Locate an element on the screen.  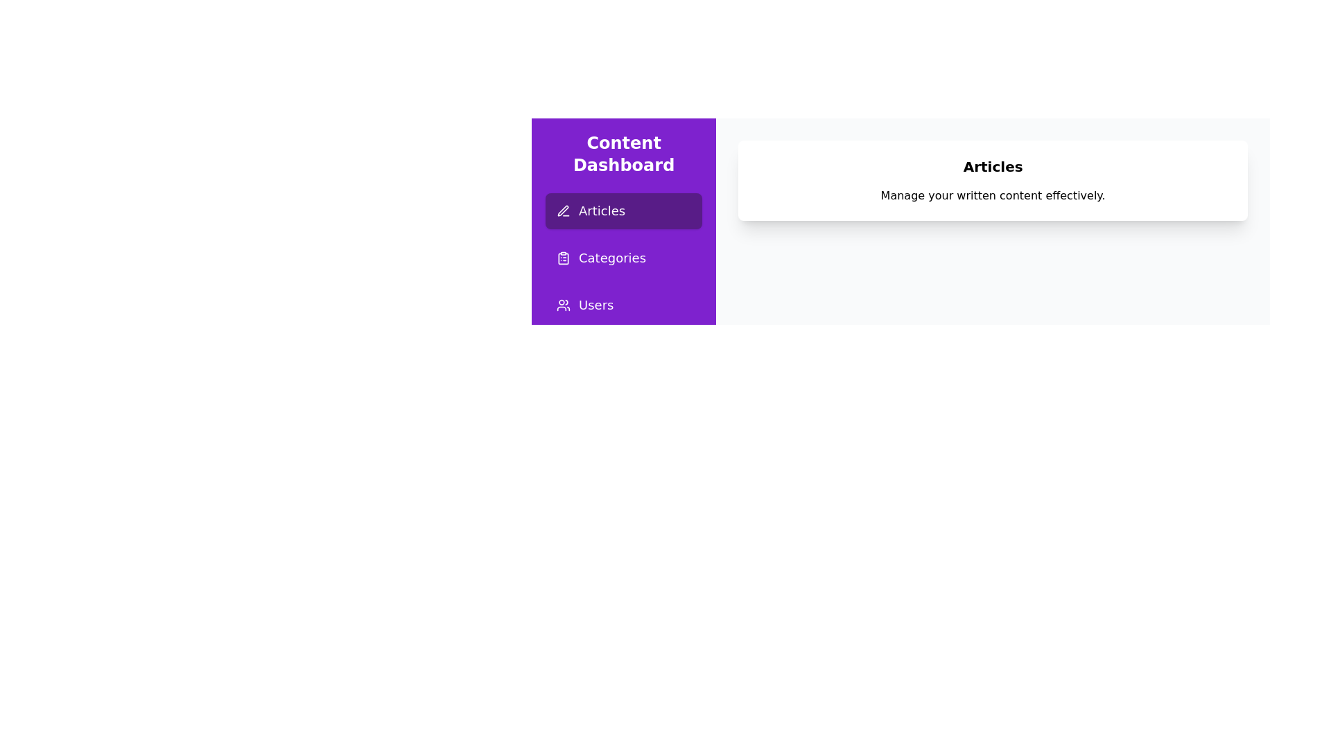
the page Categories from the sidebar menu is located at coordinates (623, 258).